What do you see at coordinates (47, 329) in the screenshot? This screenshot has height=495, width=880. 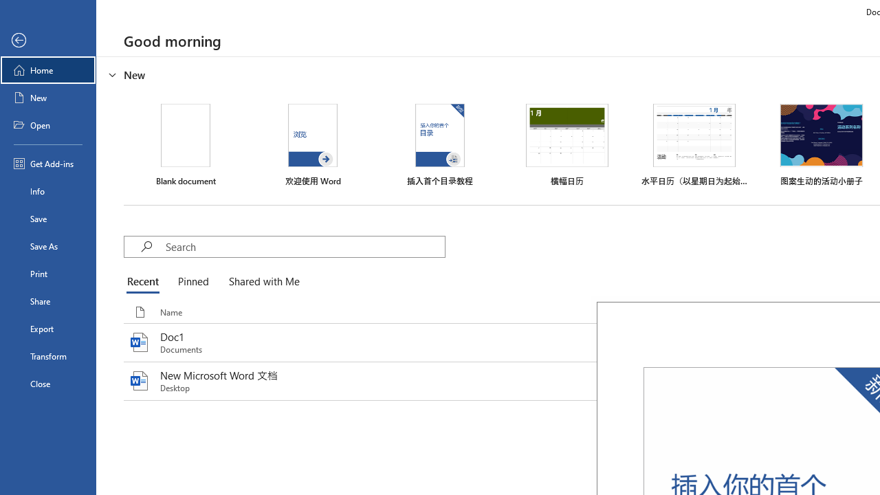 I see `'Export'` at bounding box center [47, 329].